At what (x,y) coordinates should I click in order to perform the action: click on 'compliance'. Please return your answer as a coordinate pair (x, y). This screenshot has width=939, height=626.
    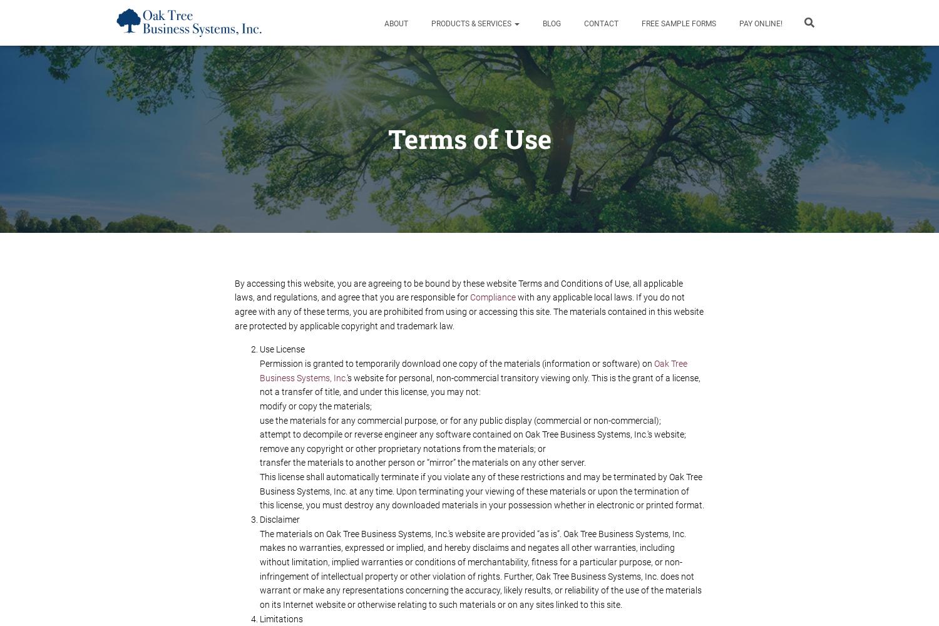
    Looking at the image, I should click on (493, 297).